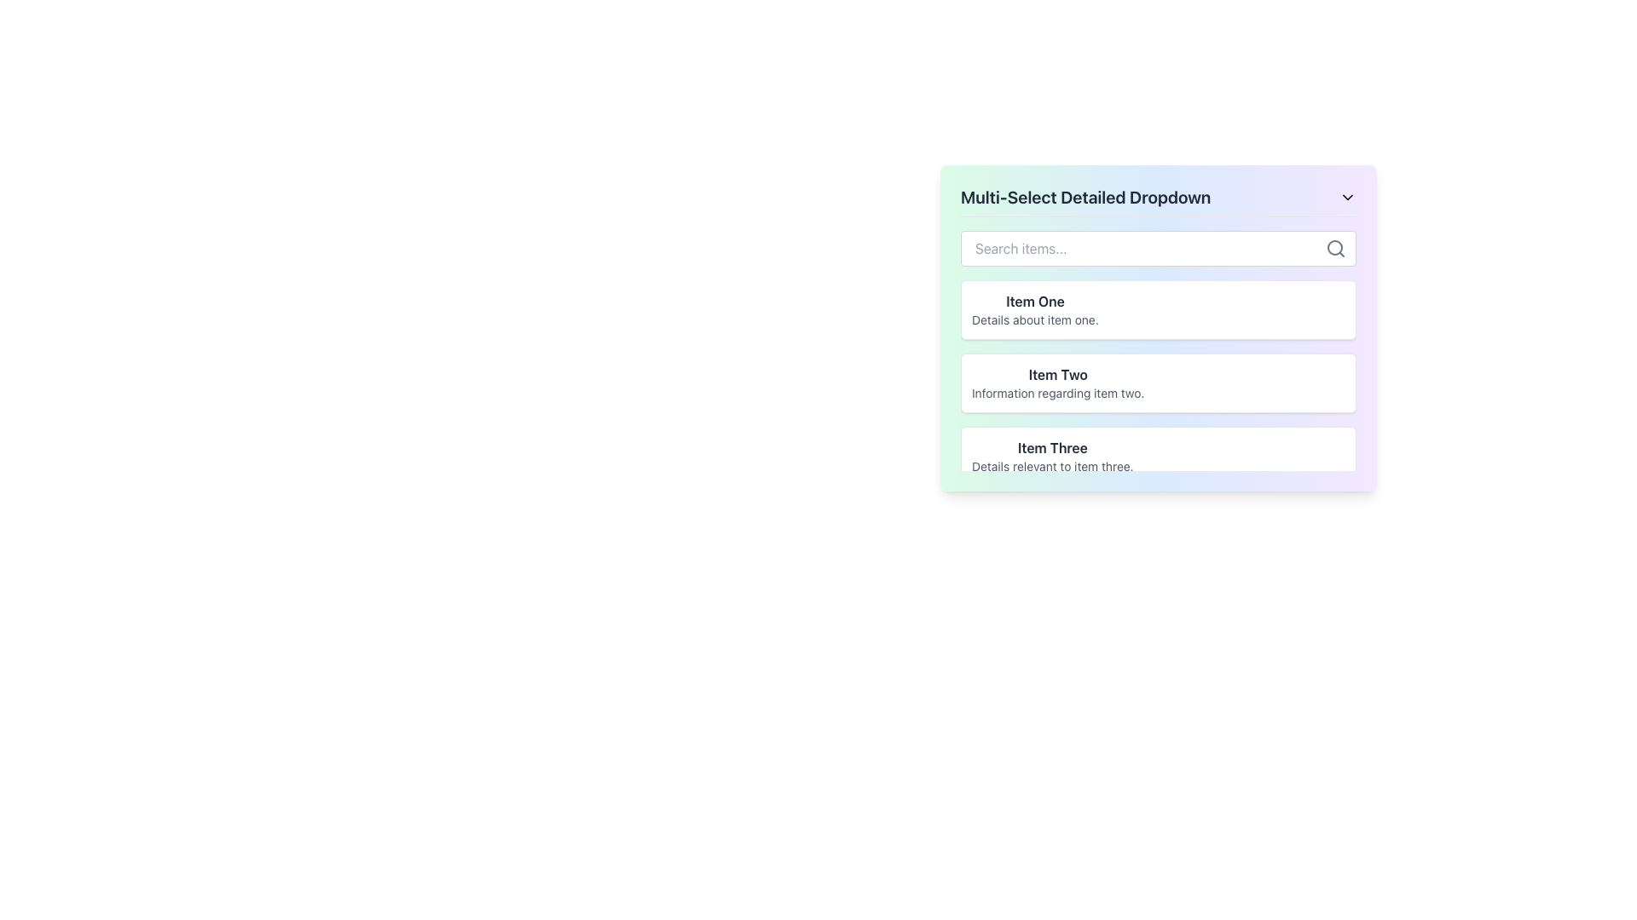 The image size is (1637, 920). Describe the element at coordinates (1346, 196) in the screenshot. I see `the toggle button for the dropdown menu located at the right-hand end of the 'Multi-Select Detailed Dropdown' header` at that location.